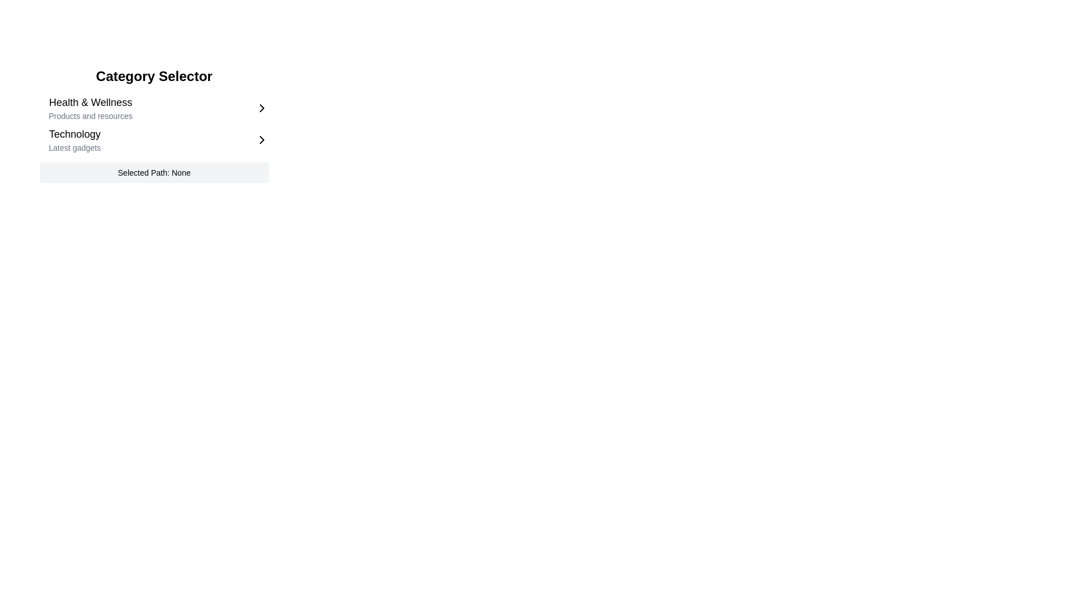 This screenshot has width=1089, height=612. Describe the element at coordinates (261, 108) in the screenshot. I see `the right-pointing chevron icon at the far-right end of the 'Health & Wellness' category list item` at that location.